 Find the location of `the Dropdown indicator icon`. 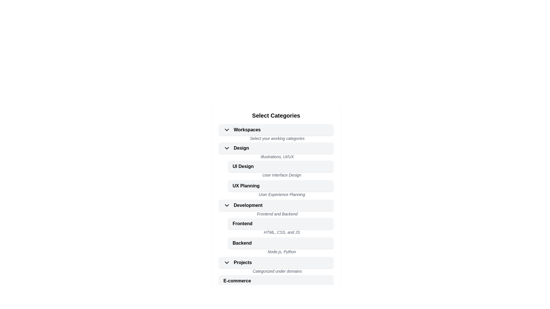

the Dropdown indicator icon is located at coordinates (227, 130).